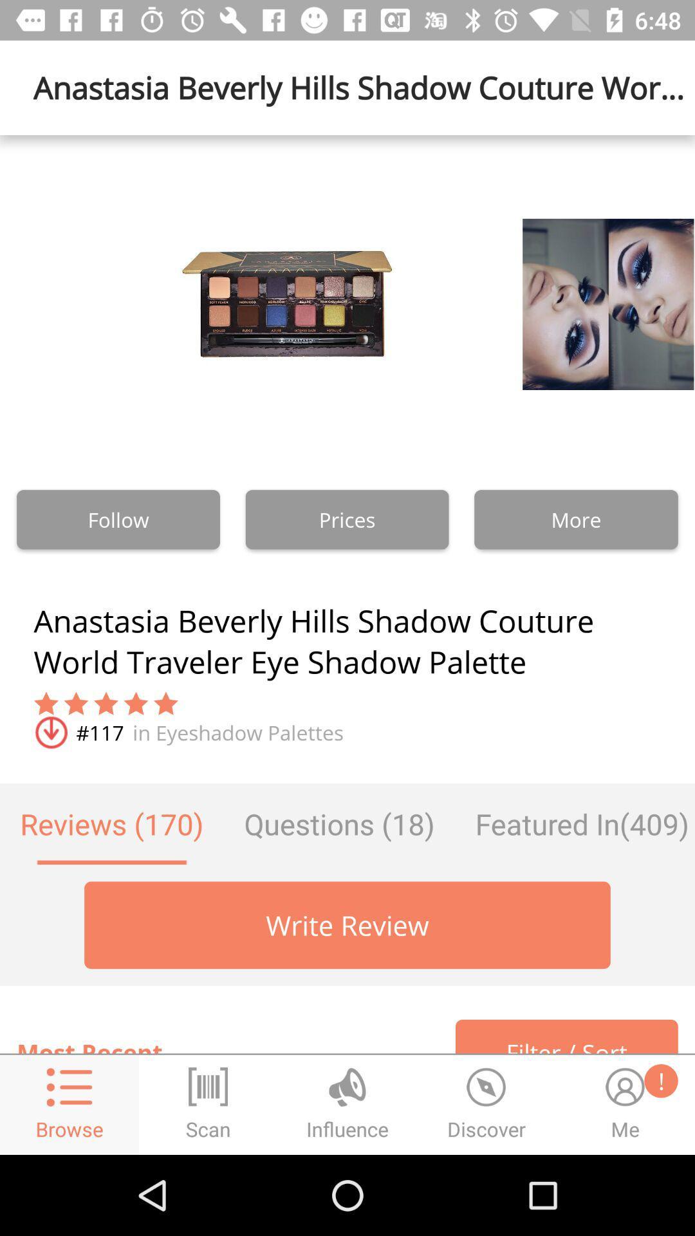 The image size is (695, 1236). Describe the element at coordinates (575, 520) in the screenshot. I see `the text which is to the right of prices` at that location.